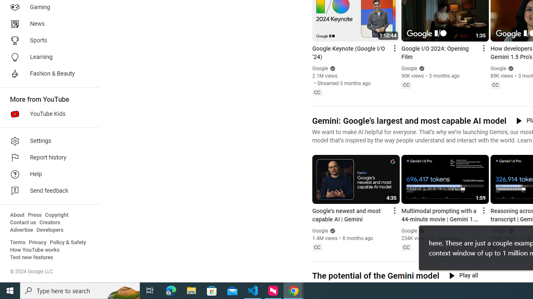  What do you see at coordinates (37, 243) in the screenshot?
I see `'Privacy'` at bounding box center [37, 243].